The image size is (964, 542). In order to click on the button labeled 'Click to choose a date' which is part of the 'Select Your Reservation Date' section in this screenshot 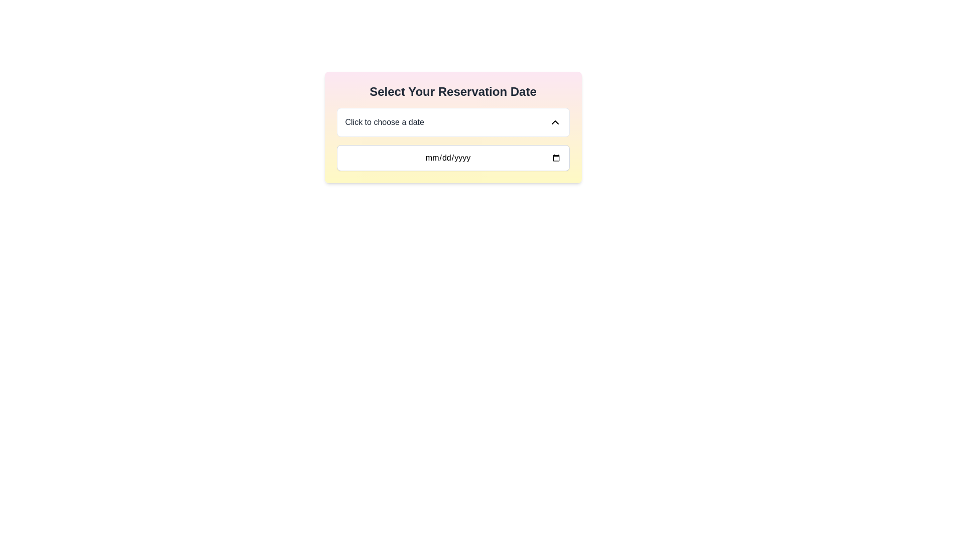, I will do `click(452, 121)`.